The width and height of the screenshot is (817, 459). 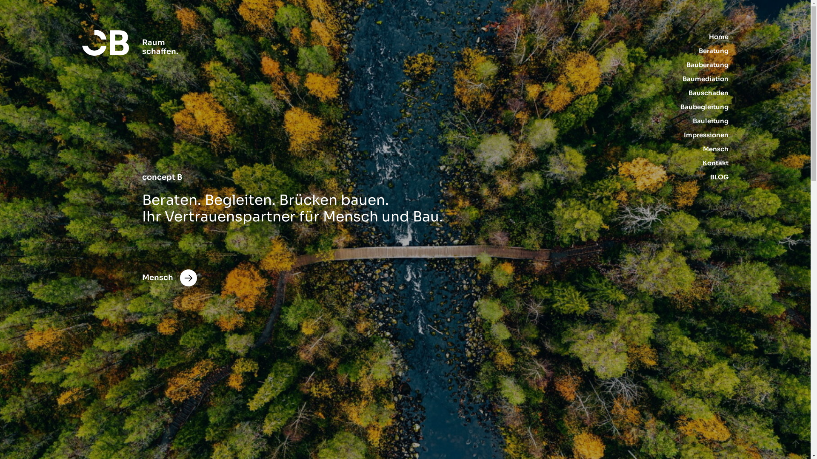 What do you see at coordinates (708, 93) in the screenshot?
I see `'Bauschaden'` at bounding box center [708, 93].